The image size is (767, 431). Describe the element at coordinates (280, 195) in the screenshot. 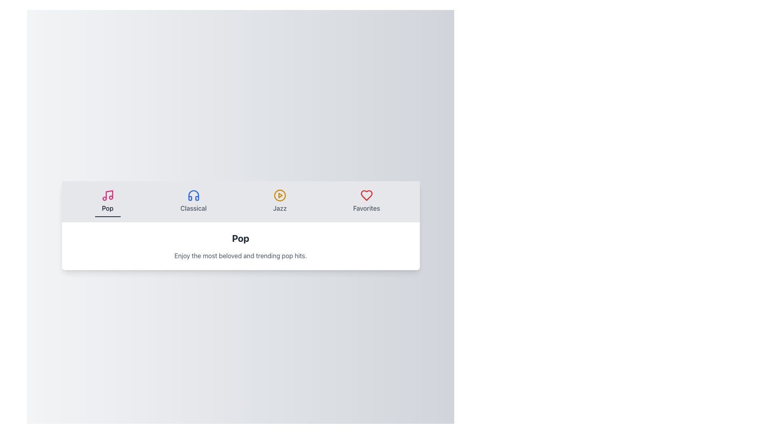

I see `the circular button with a white background and yellow border featuring a play icon` at that location.